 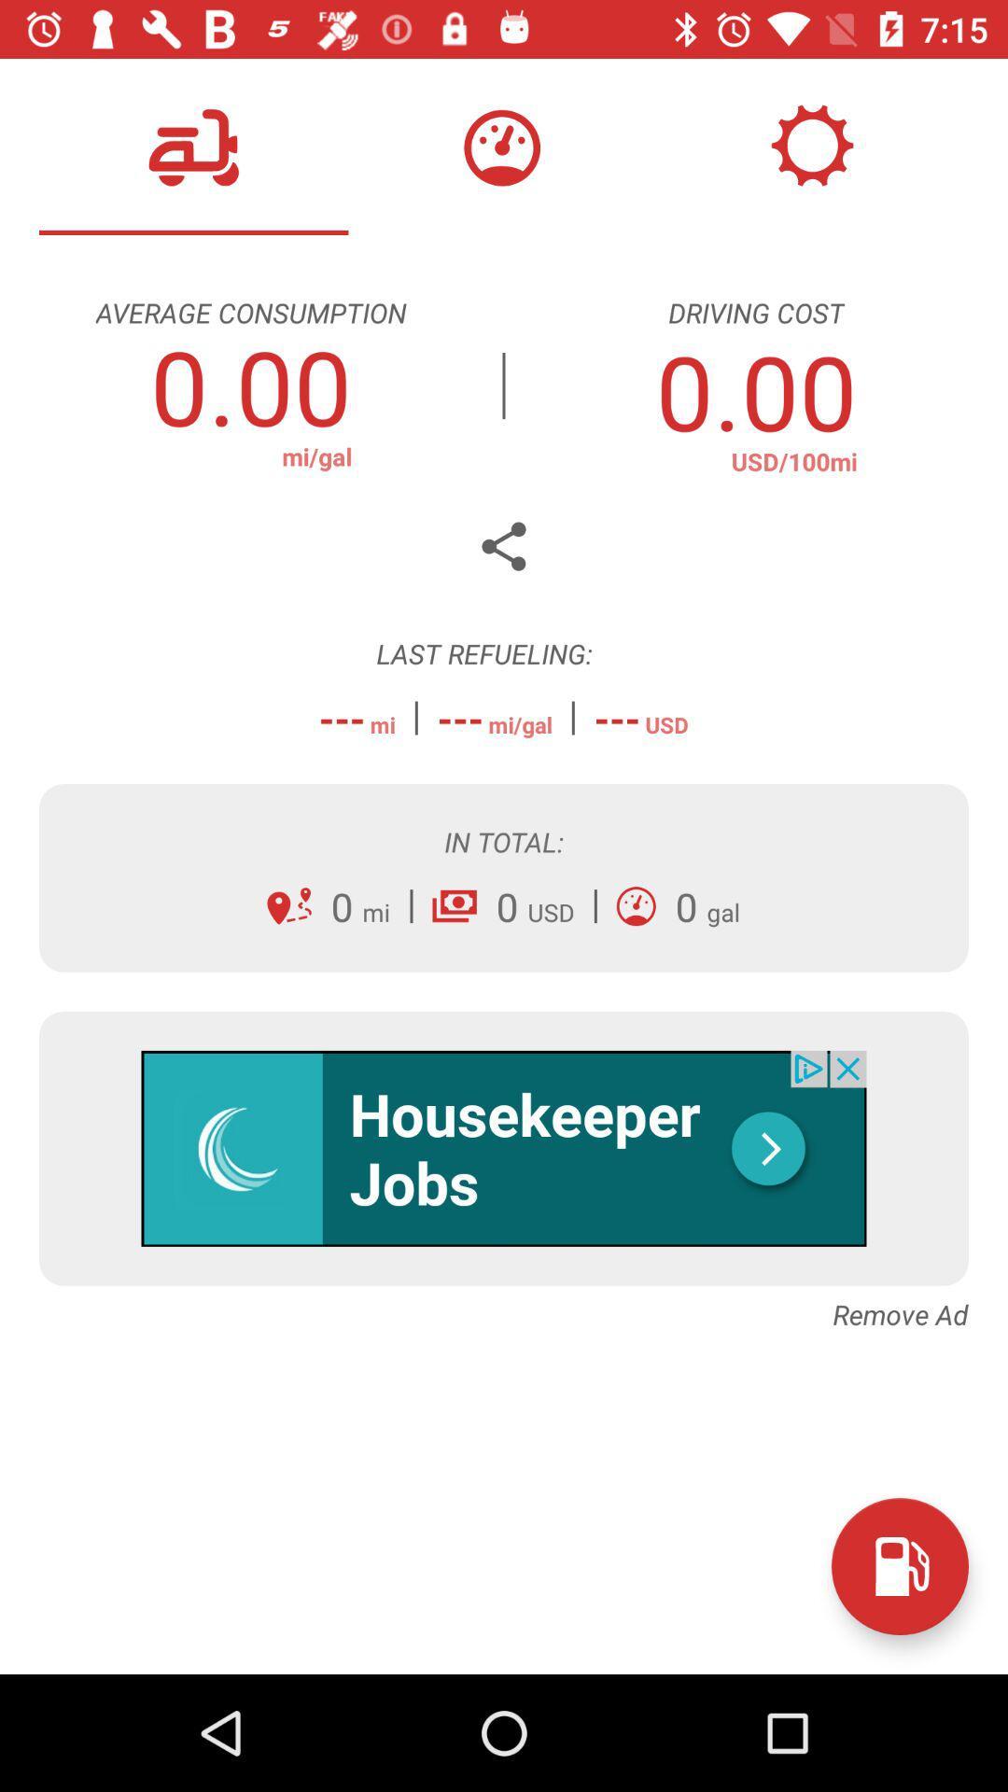 I want to click on advertisement, so click(x=504, y=1147).